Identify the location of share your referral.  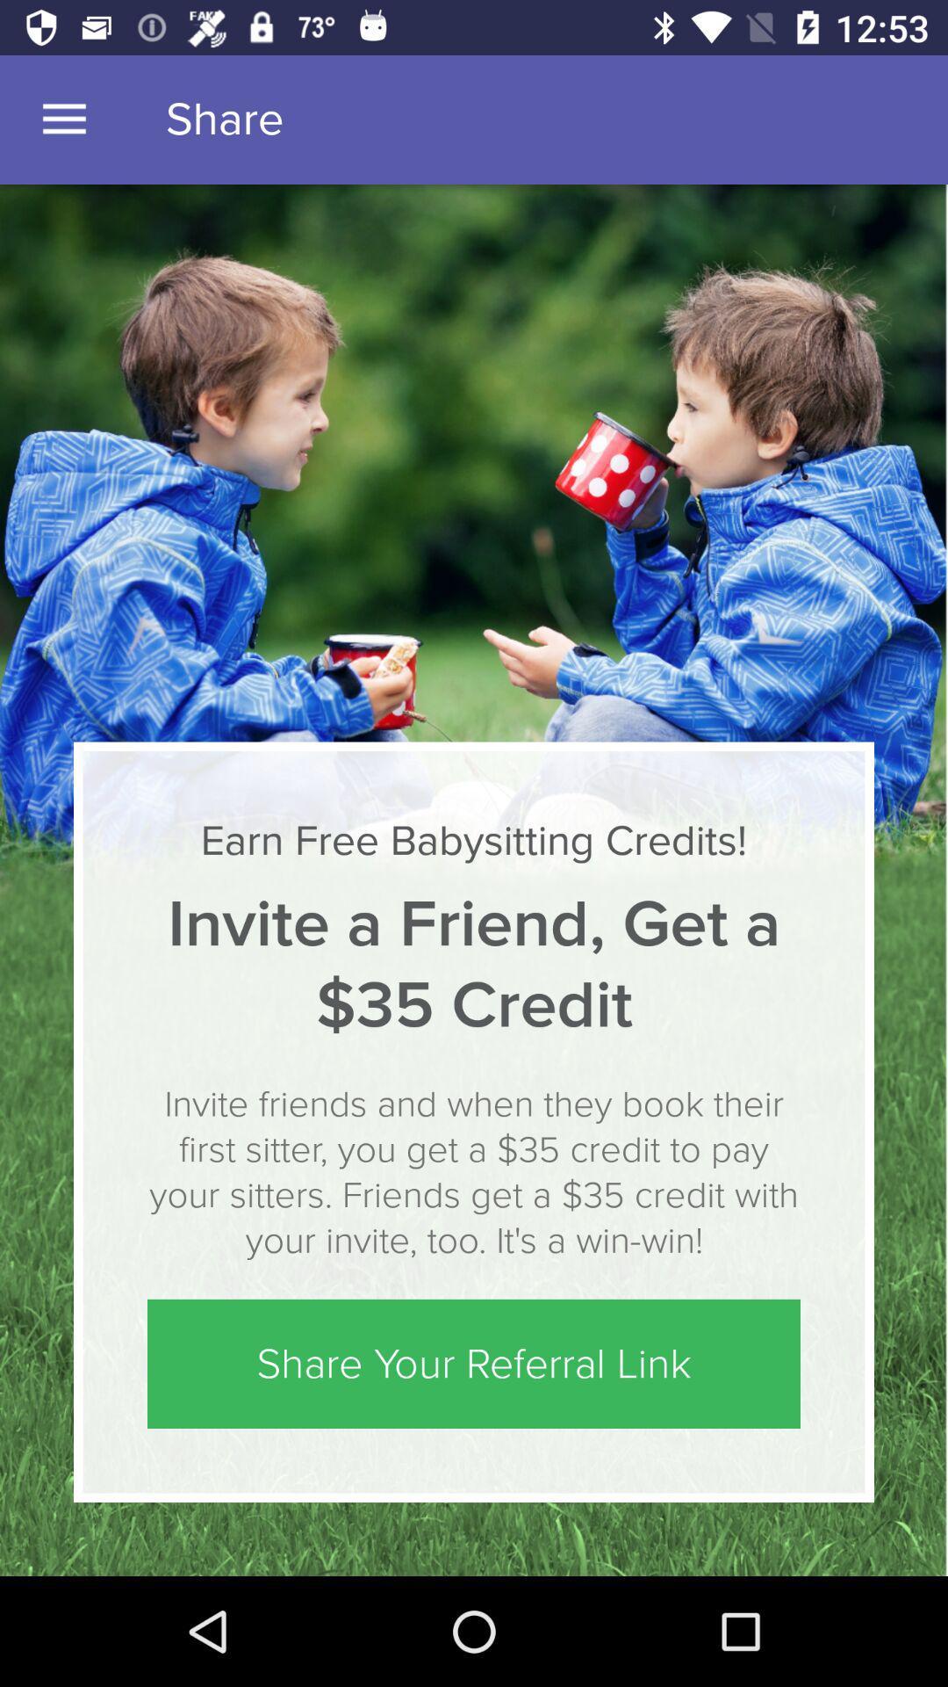
(474, 1363).